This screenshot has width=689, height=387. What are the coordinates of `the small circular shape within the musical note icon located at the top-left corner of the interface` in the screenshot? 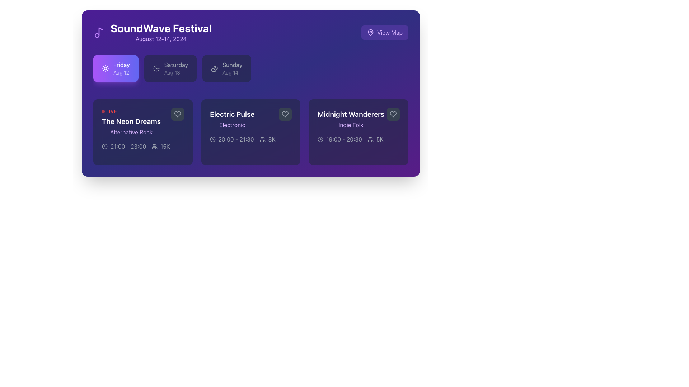 It's located at (97, 35).